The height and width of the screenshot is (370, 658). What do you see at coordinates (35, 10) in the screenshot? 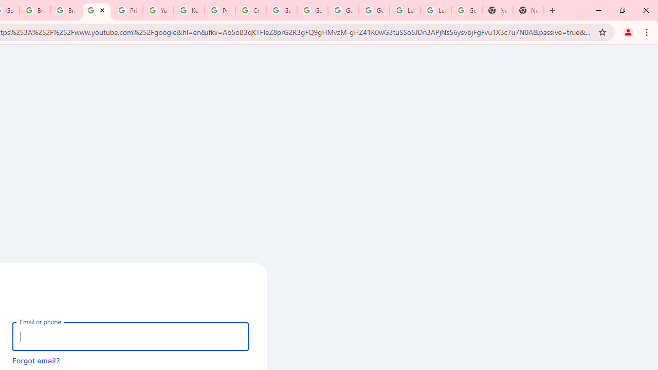
I see `'Brand Resource Center'` at bounding box center [35, 10].